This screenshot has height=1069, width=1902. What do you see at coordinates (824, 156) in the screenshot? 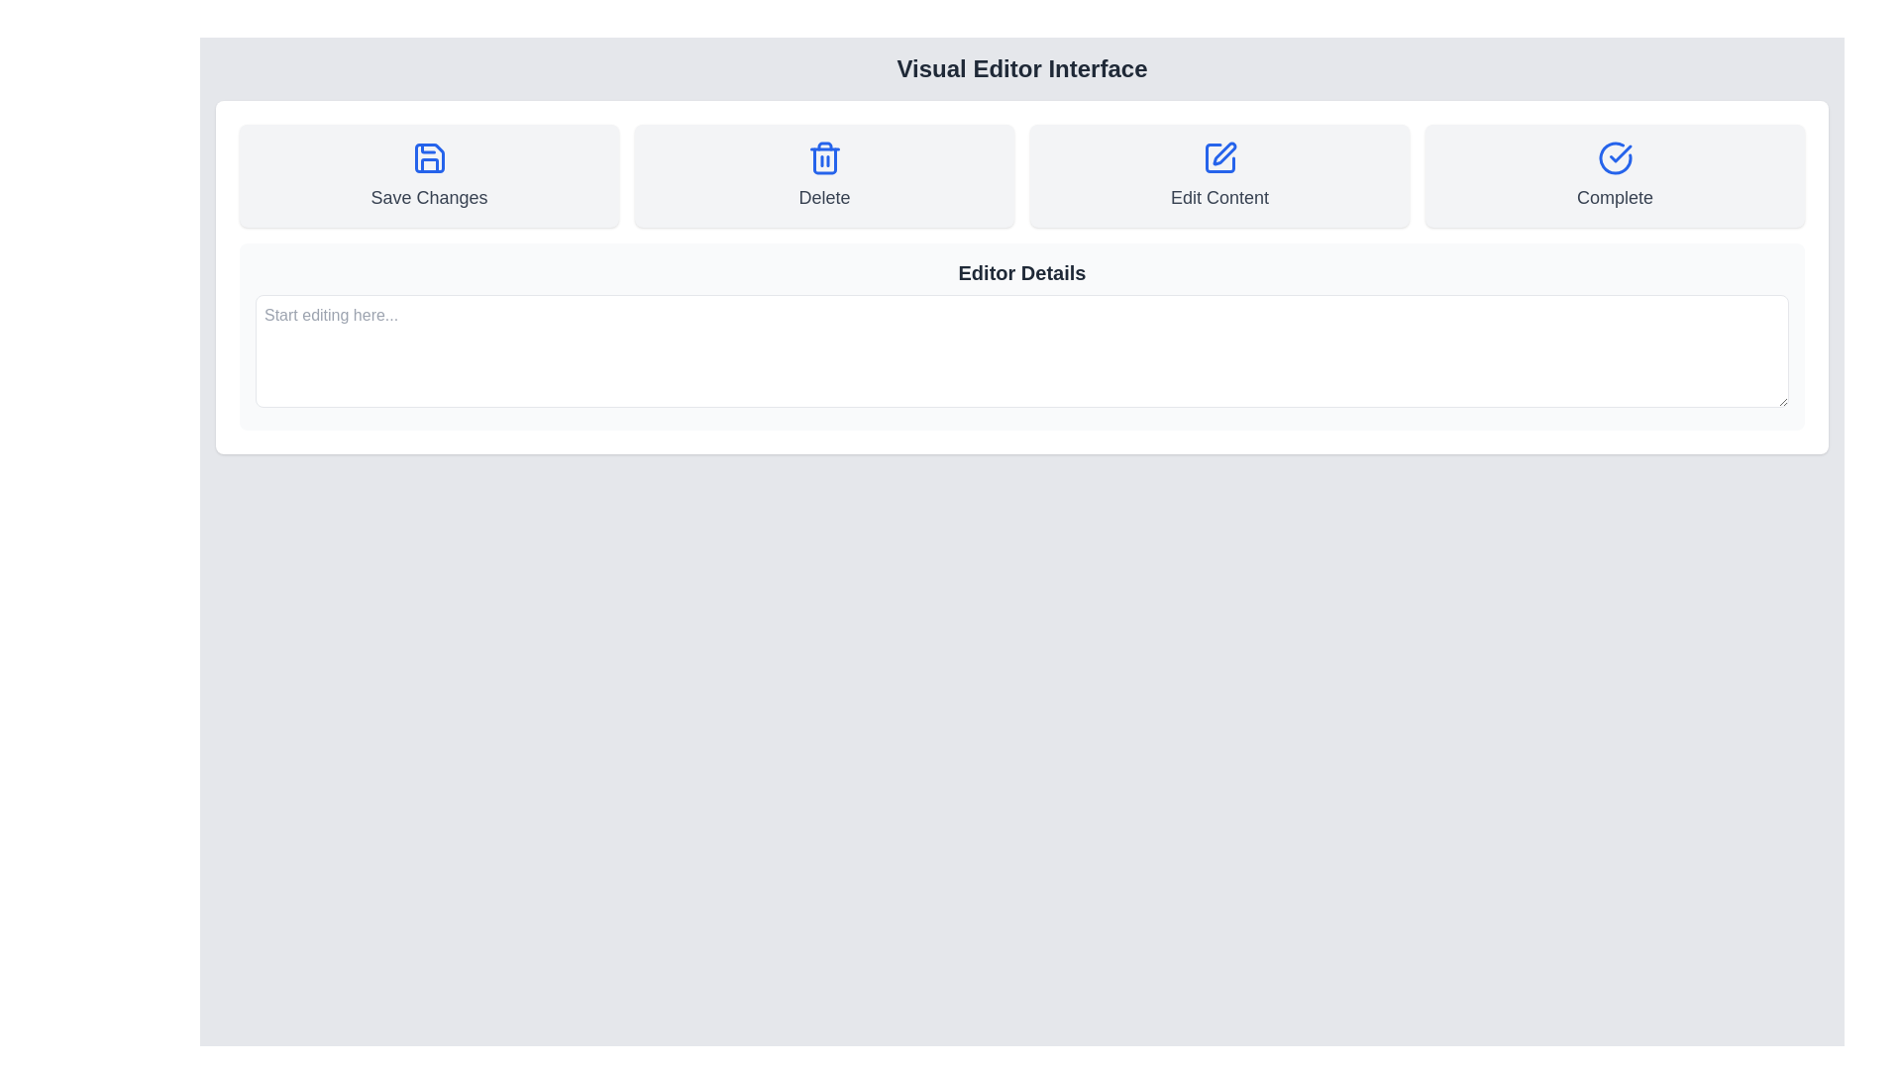
I see `the delete icon component located in the toolbar/menu section, which visually represents the delete action and is positioned second from the left among four buttons` at bounding box center [824, 156].